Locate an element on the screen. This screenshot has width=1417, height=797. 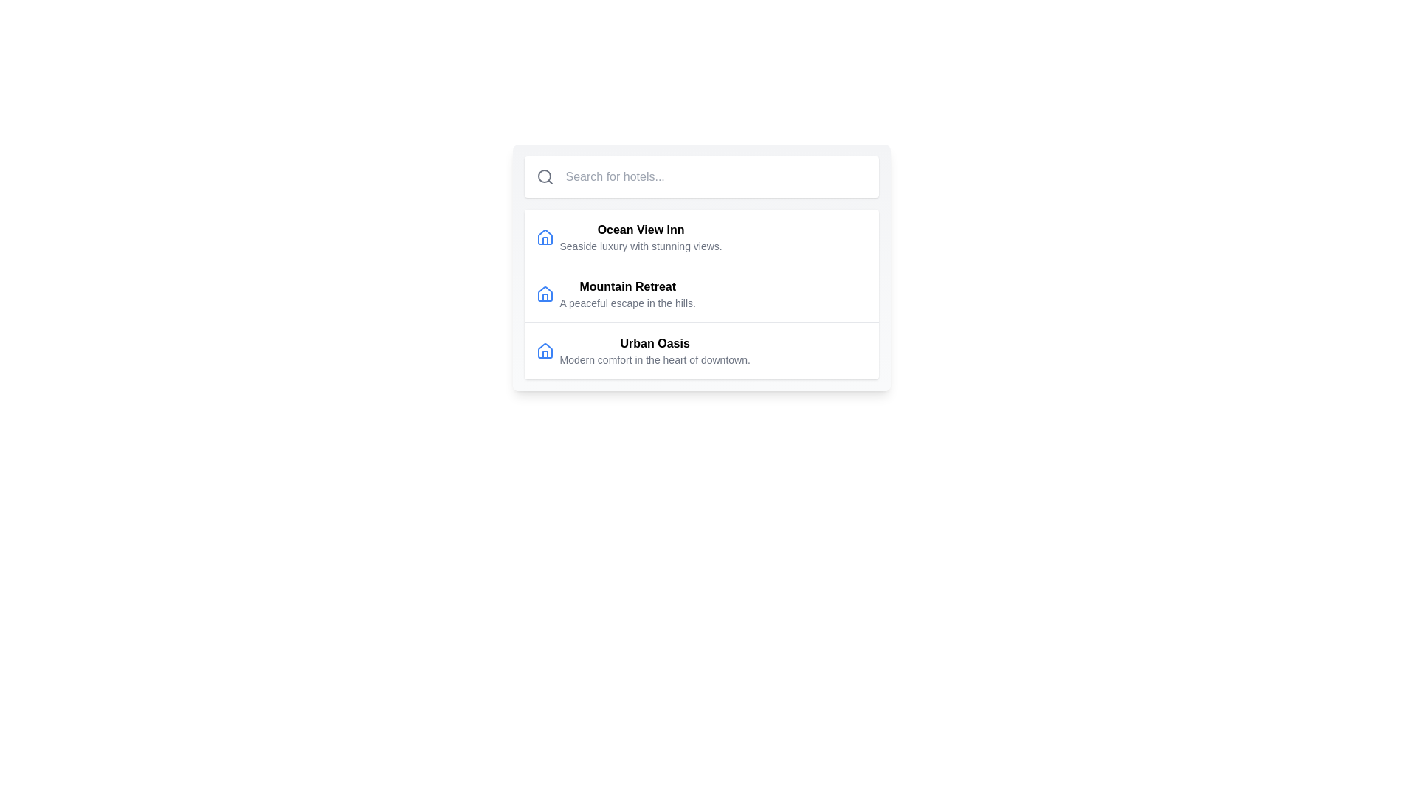
the icon that identifies the 'Ocean View Inn' entry in the list, located on the left side of the entry, adjacent to the text 'Ocean View Inn' and 'Seaside luxury with stunning views.' is located at coordinates (544, 236).